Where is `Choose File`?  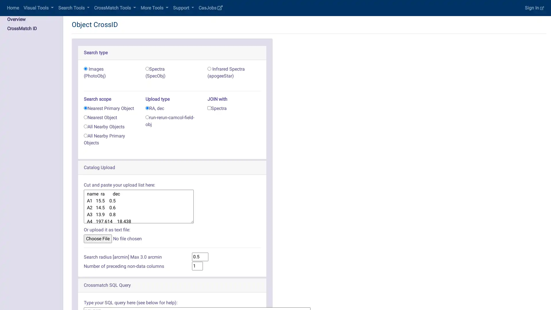 Choose File is located at coordinates (98, 238).